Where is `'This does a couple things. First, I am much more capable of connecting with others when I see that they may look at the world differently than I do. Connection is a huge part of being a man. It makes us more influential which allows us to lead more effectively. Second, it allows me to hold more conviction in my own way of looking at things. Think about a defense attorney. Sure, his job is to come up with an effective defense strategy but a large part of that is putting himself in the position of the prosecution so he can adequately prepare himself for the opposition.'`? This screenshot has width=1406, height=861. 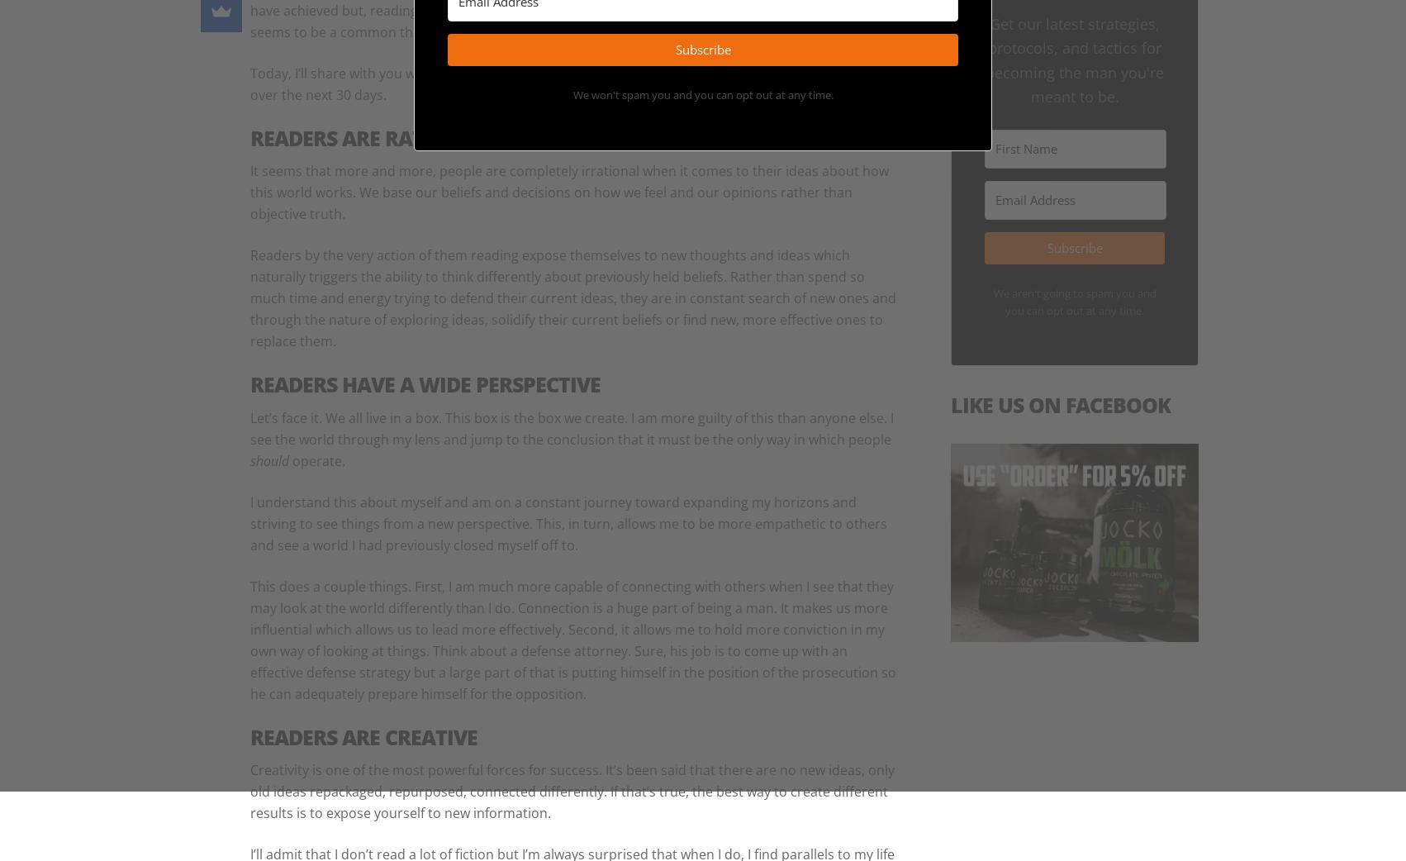
'This does a couple things. First, I am much more capable of connecting with others when I see that they may look at the world differently than I do. Connection is a huge part of being a man. It makes us more influential which allows us to lead more effectively. Second, it allows me to hold more conviction in my own way of looking at things. Think about a defense attorney. Sure, his job is to come up with an effective defense strategy but a large part of that is putting himself in the position of the prosecution so he can adequately prepare himself for the opposition.' is located at coordinates (249, 638).